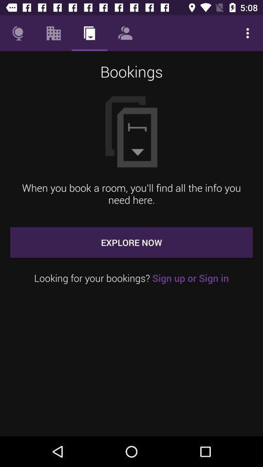  I want to click on the explore now item, so click(131, 242).